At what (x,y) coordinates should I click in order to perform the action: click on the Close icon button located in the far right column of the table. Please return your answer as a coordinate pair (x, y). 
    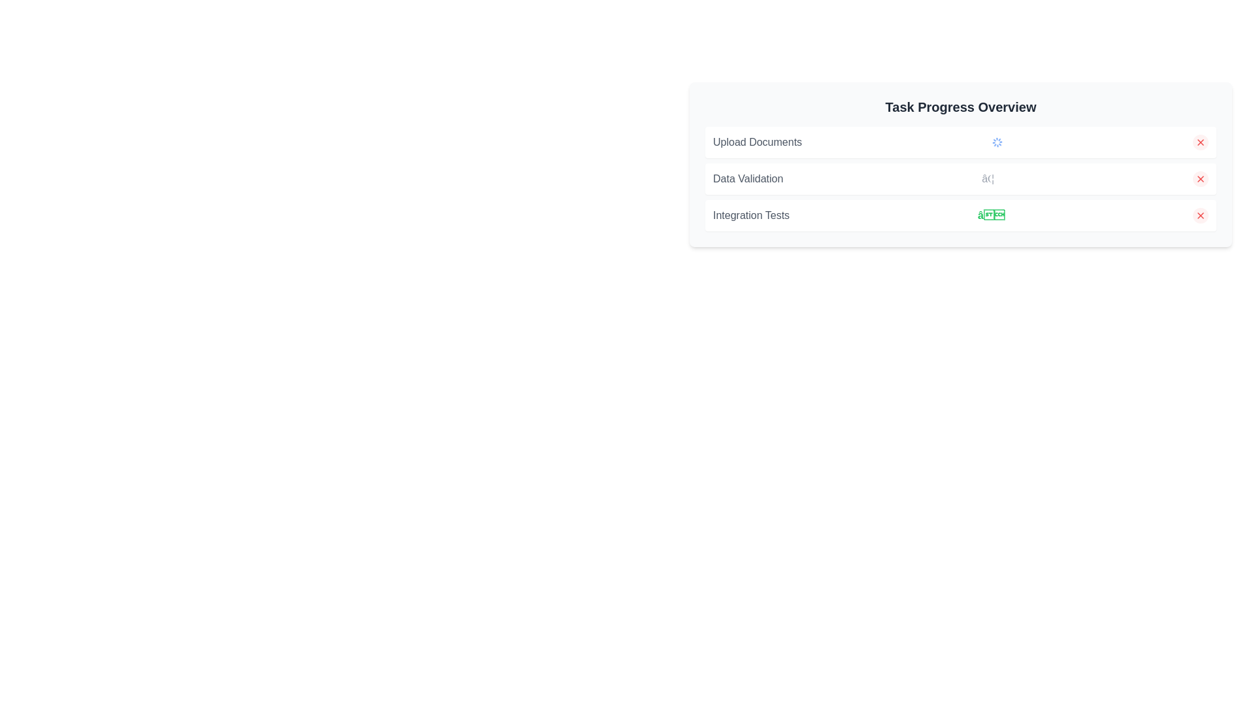
    Looking at the image, I should click on (1201, 178).